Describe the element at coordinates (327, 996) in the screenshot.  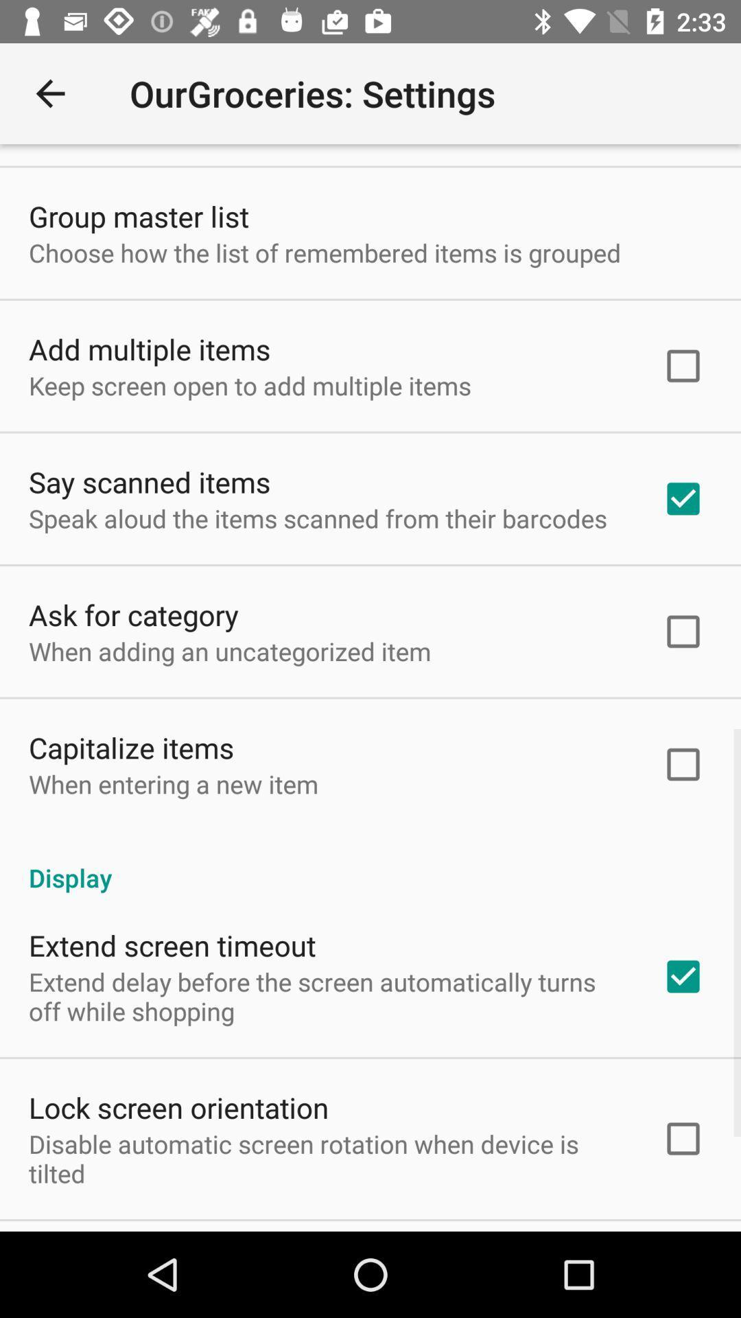
I see `icon below extend screen timeout` at that location.